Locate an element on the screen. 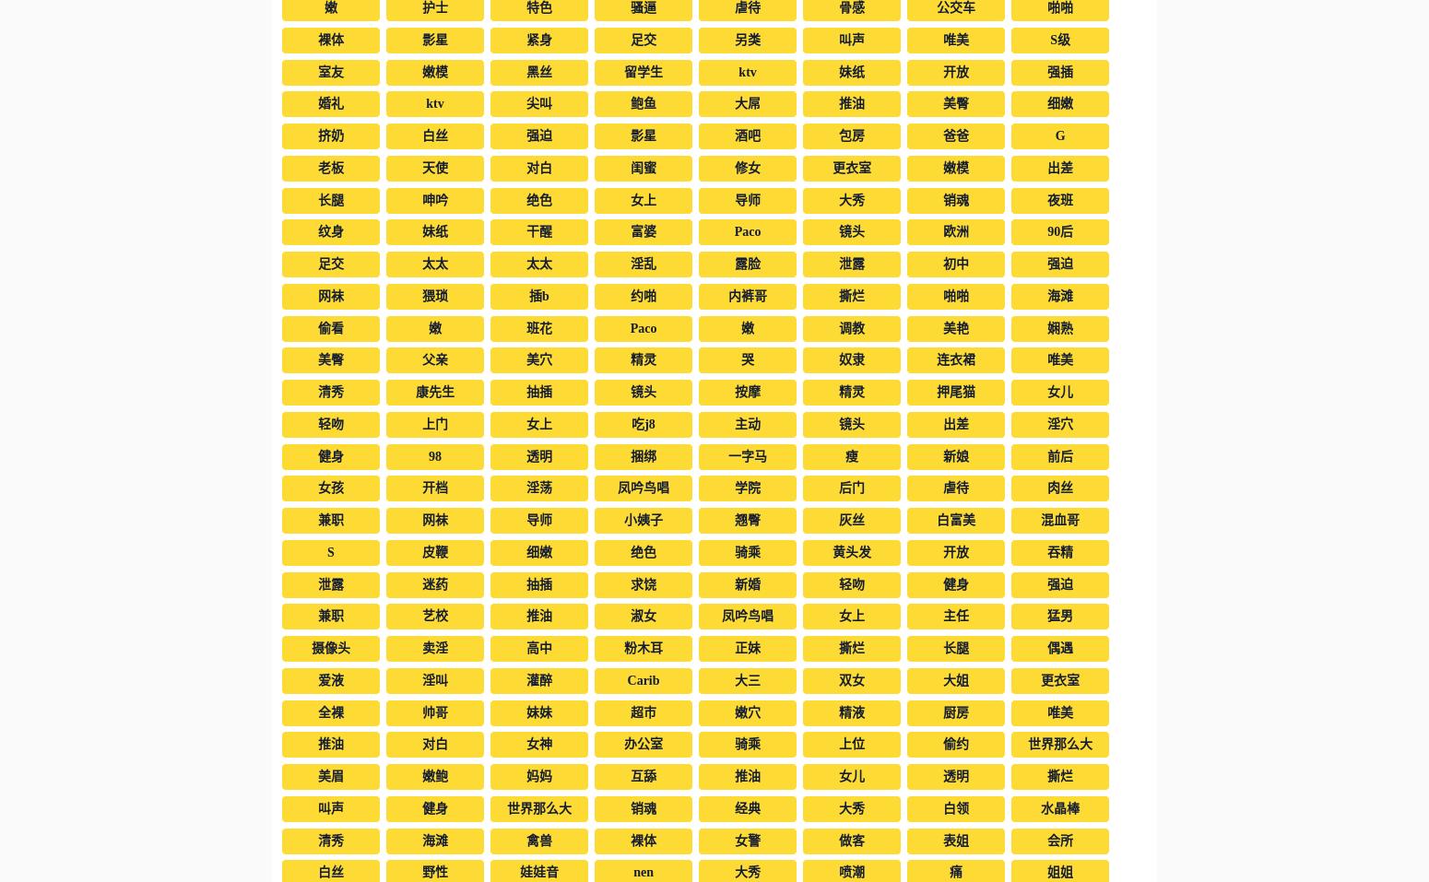 The image size is (1429, 882). '插b' is located at coordinates (538, 295).